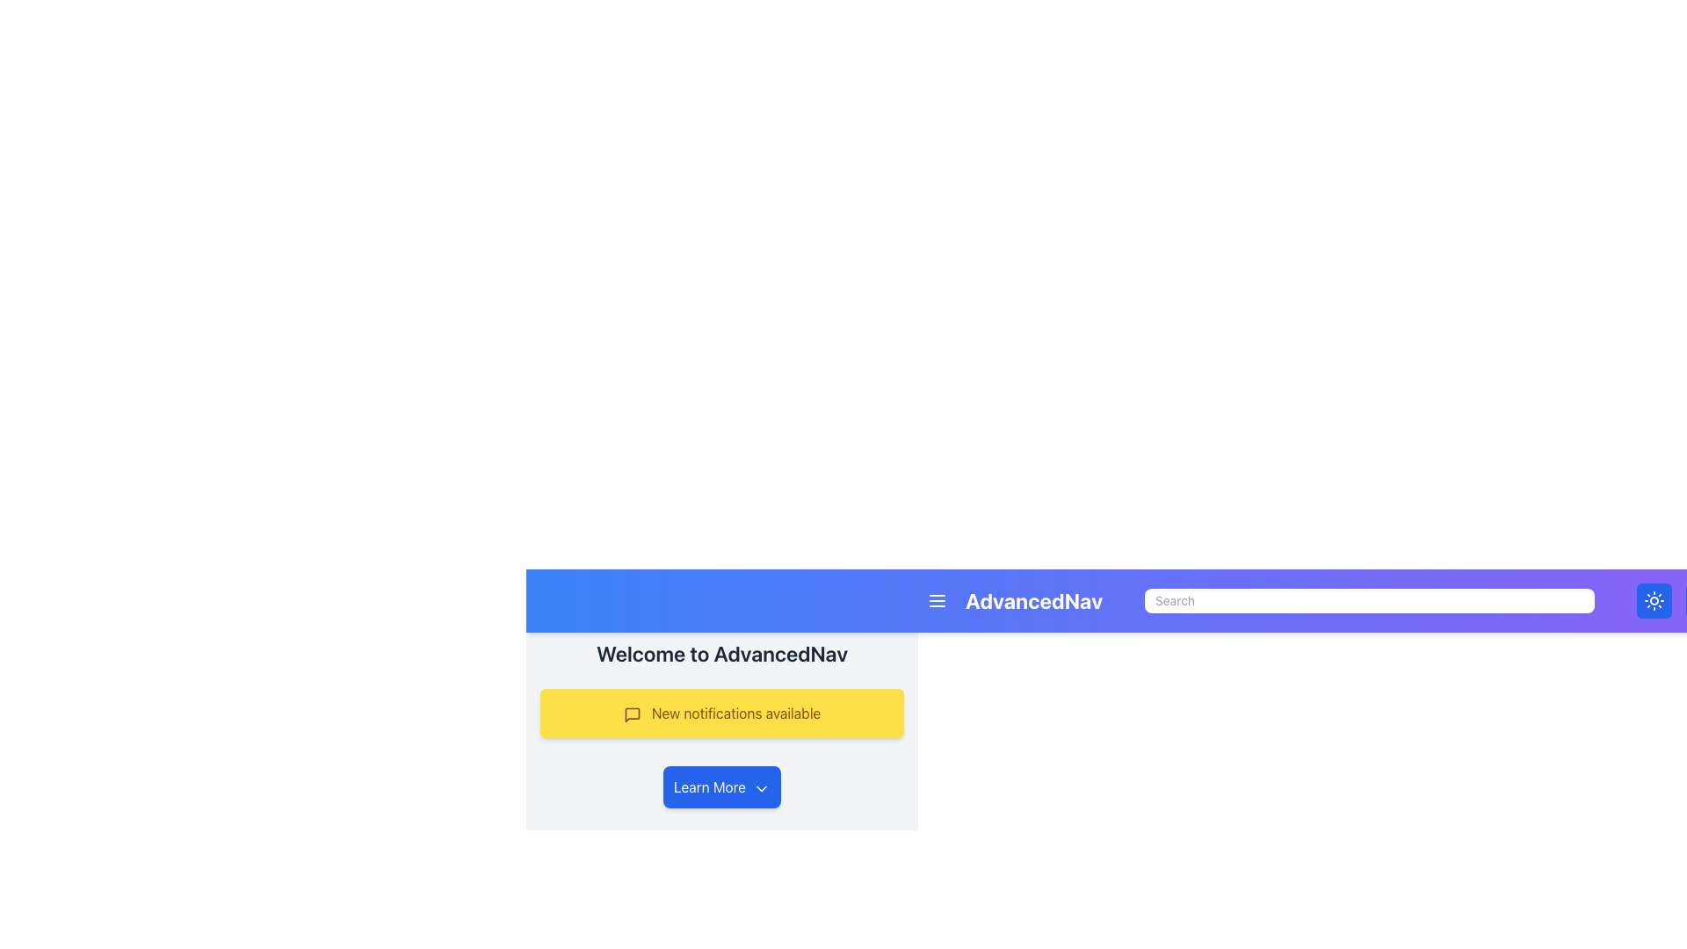  Describe the element at coordinates (632, 714) in the screenshot. I see `the speech bubble icon located on the left side of the yellow notification banner that indicates 'New notifications available'` at that location.